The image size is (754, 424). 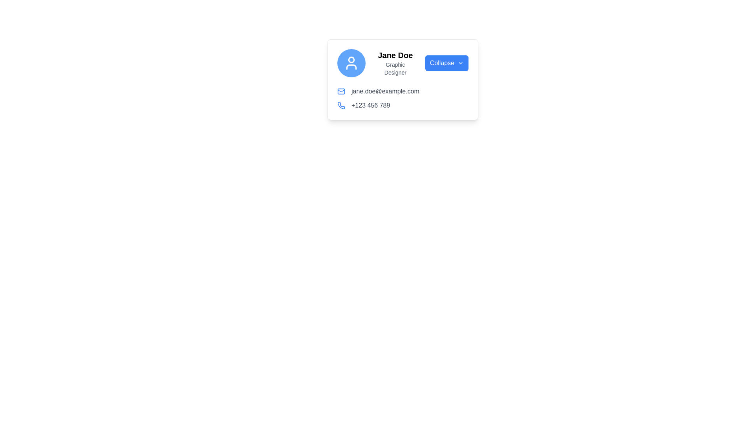 I want to click on text content of the label displaying 'Graphic Designer', which is styled in a small font and gray color, located directly below the name 'Jane Doe', so click(x=395, y=68).